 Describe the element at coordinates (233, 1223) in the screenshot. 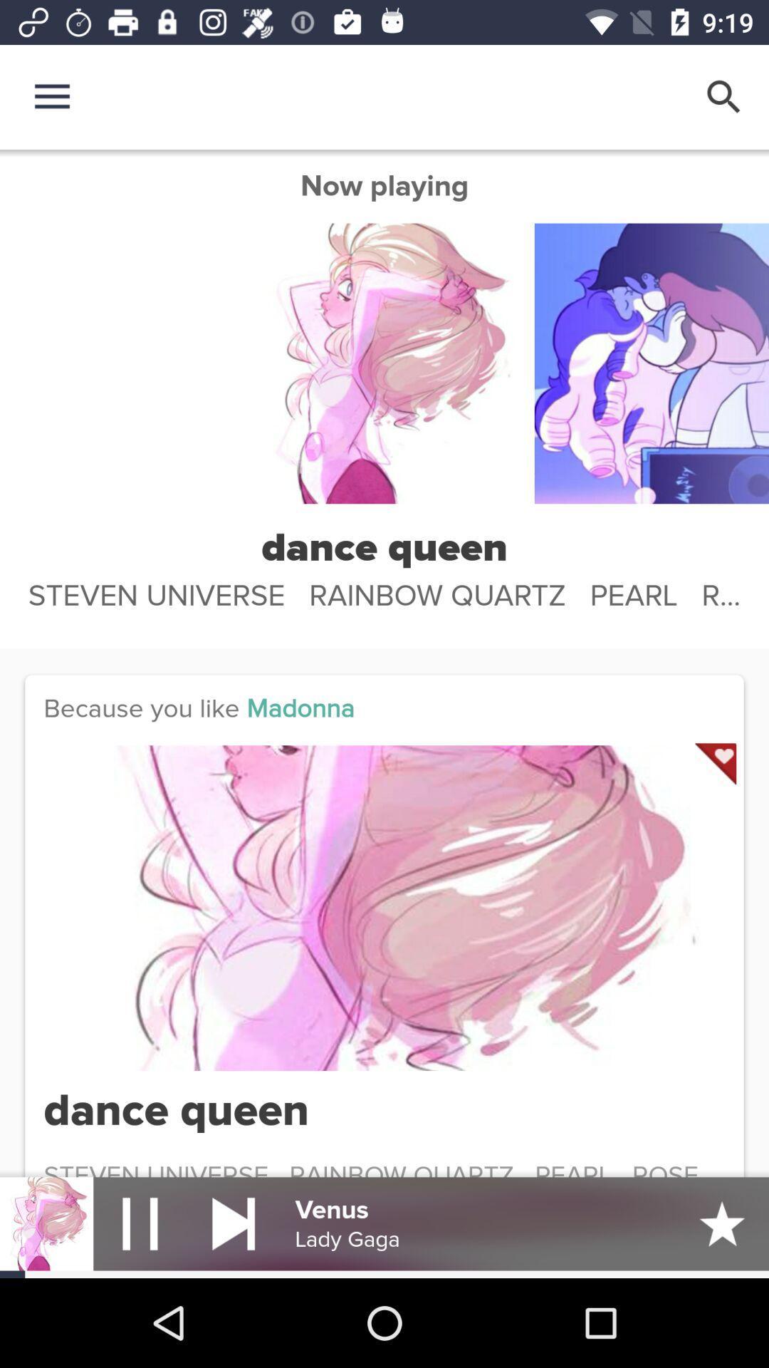

I see `the skip_next icon` at that location.